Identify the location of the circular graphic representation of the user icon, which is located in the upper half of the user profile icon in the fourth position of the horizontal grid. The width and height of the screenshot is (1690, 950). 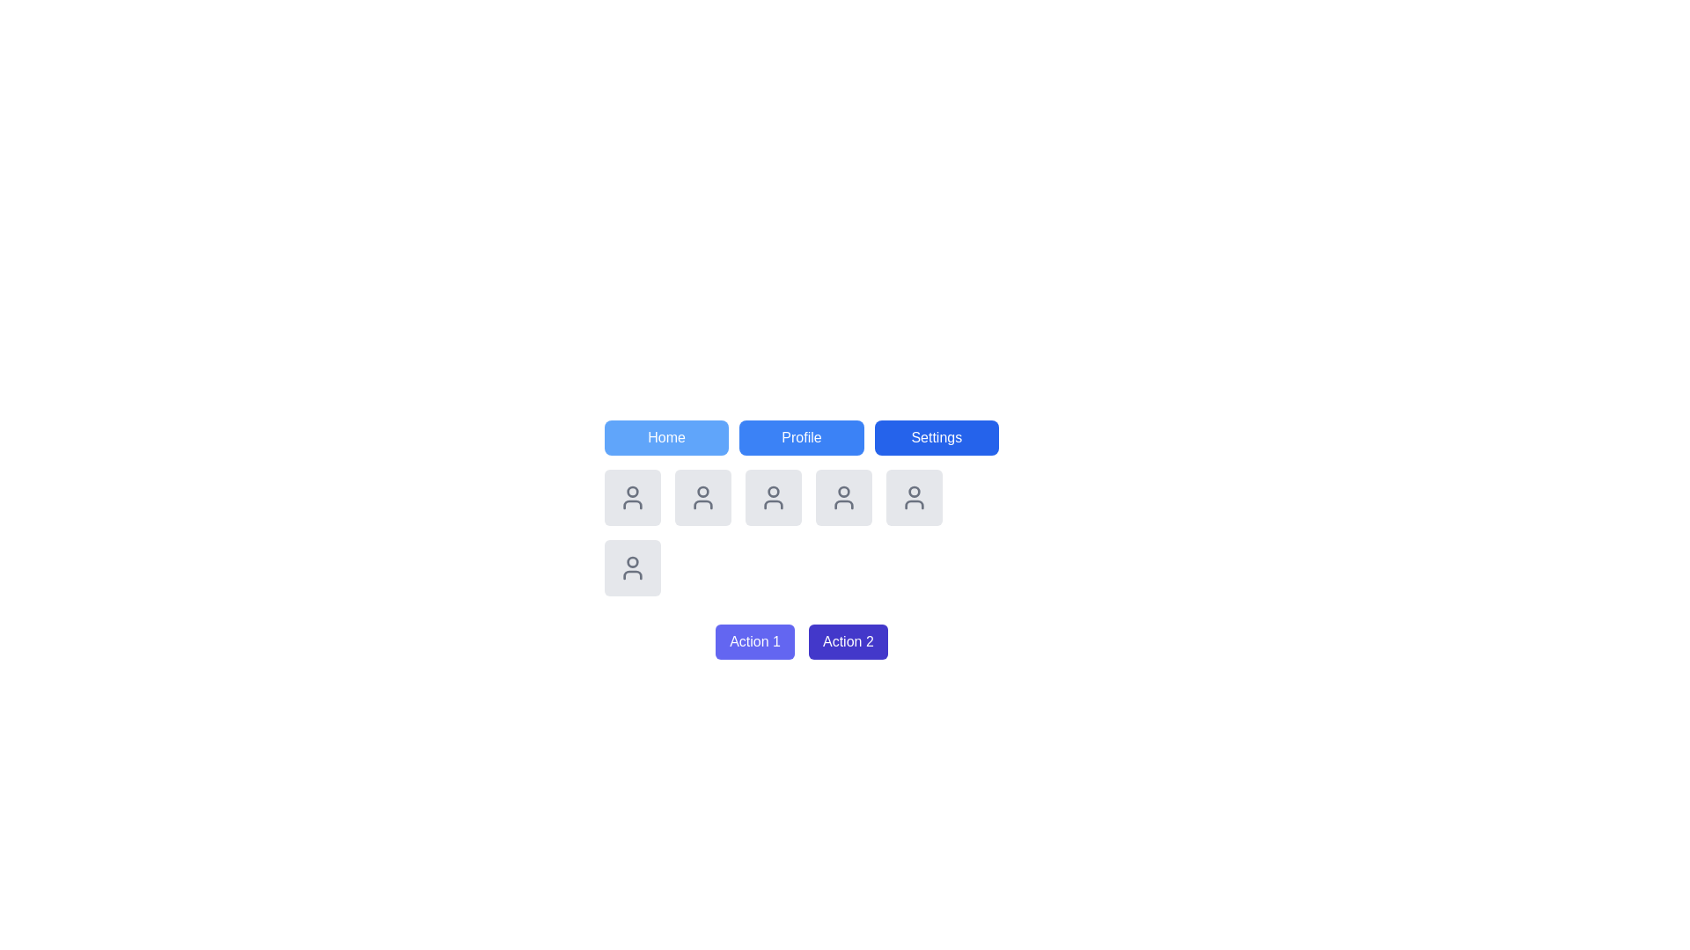
(914, 492).